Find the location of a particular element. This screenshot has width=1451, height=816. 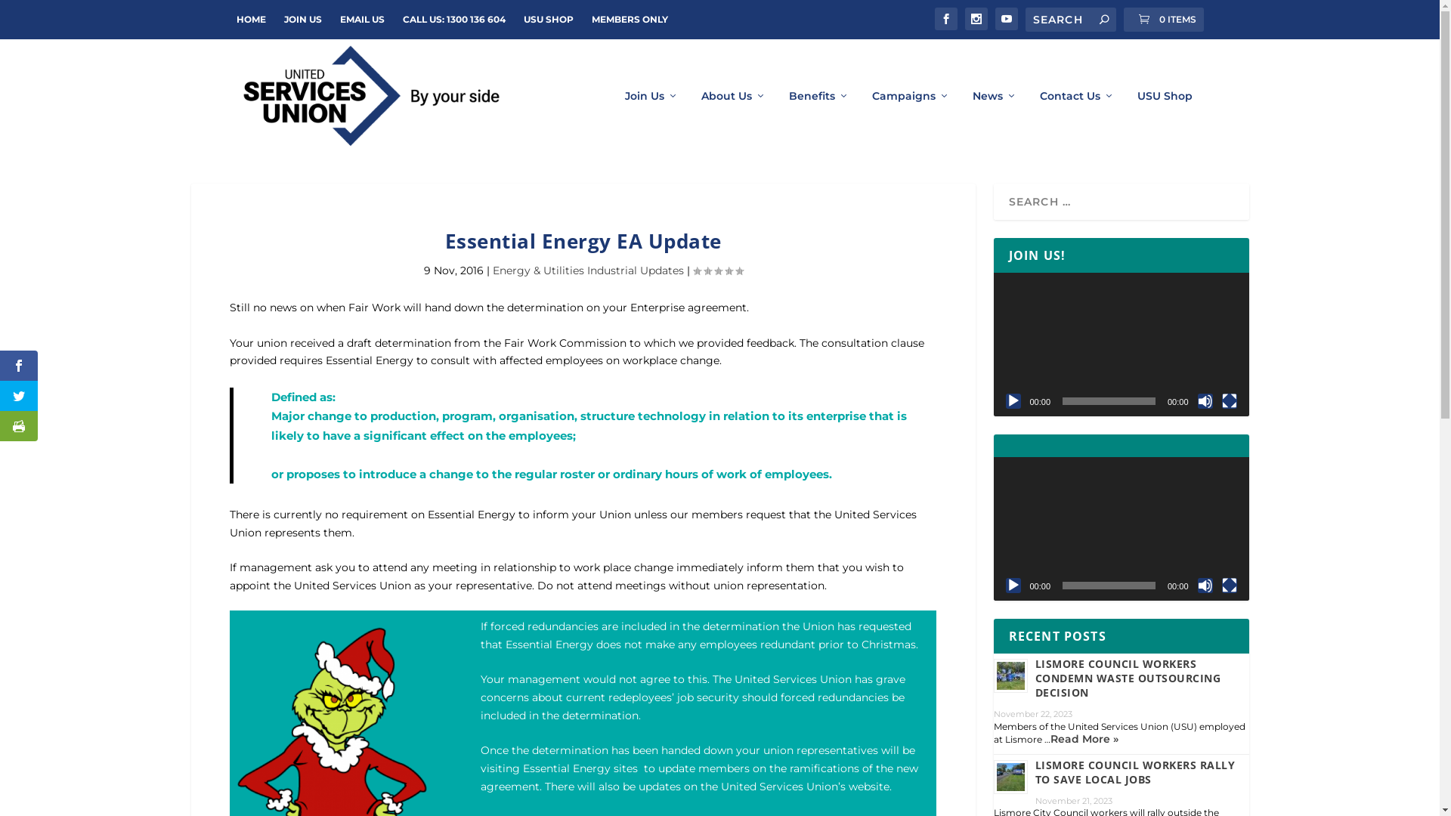

'CALL US: 1300 136 604' is located at coordinates (453, 20).